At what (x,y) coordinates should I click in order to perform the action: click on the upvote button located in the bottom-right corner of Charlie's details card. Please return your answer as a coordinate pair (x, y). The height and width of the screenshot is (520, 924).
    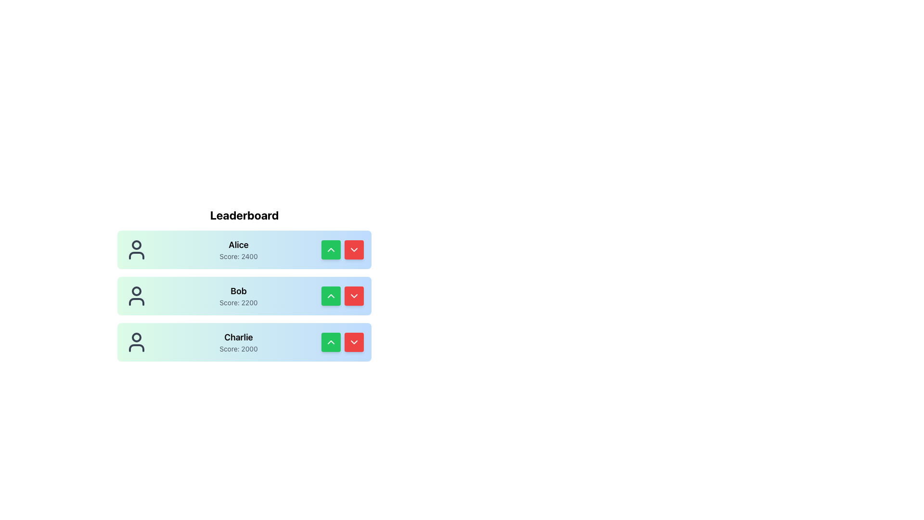
    Looking at the image, I should click on (331, 341).